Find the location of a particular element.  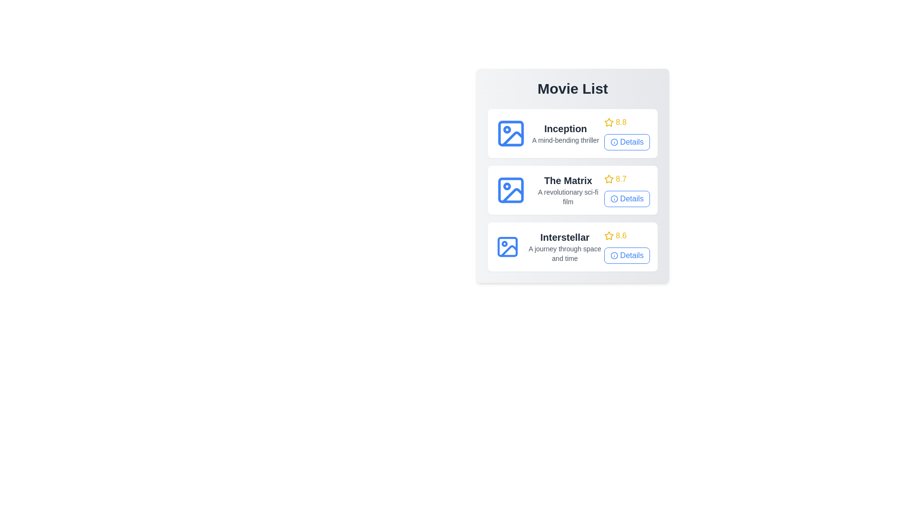

the title of the movie Interstellar is located at coordinates (565, 237).